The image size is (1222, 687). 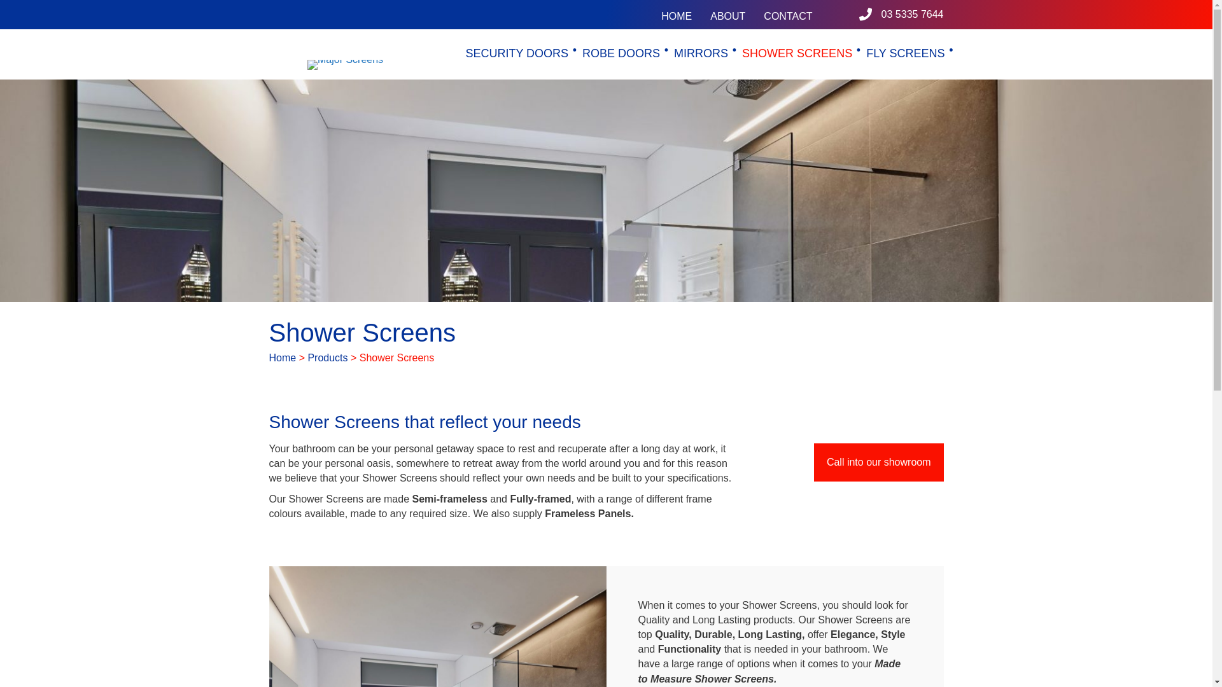 What do you see at coordinates (796, 52) in the screenshot?
I see `'SHOWER SCREENS'` at bounding box center [796, 52].